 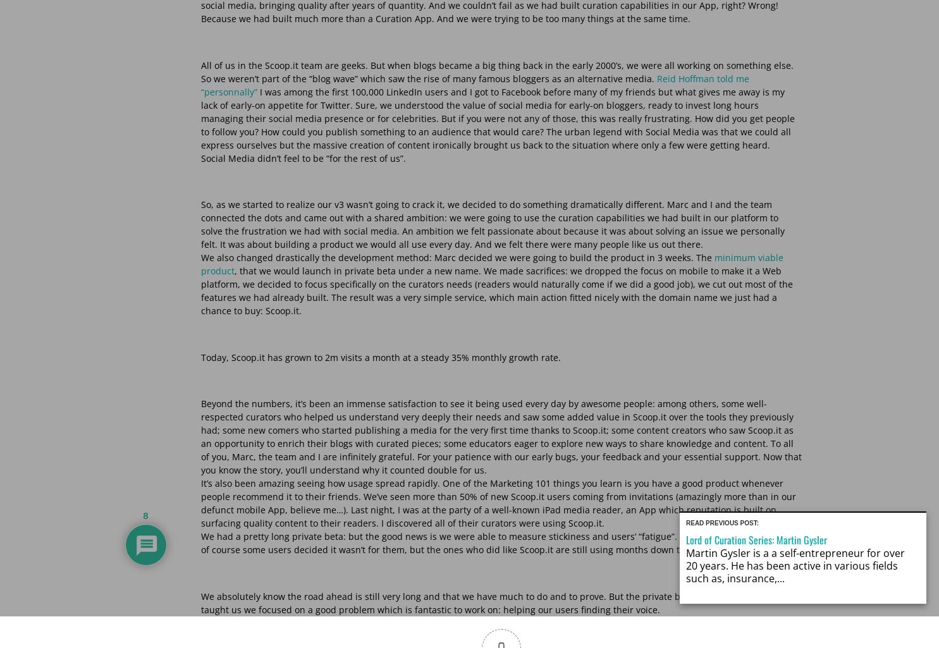 I want to click on 'All of us in the Scoop.it team are geeks. But when blogs became a big thing back in the early 2000’s, we were all working on something else. So we weren’t part of the “blog wave” which saw the rise of many famous bloggers as an alternative media.', so click(x=200, y=71).